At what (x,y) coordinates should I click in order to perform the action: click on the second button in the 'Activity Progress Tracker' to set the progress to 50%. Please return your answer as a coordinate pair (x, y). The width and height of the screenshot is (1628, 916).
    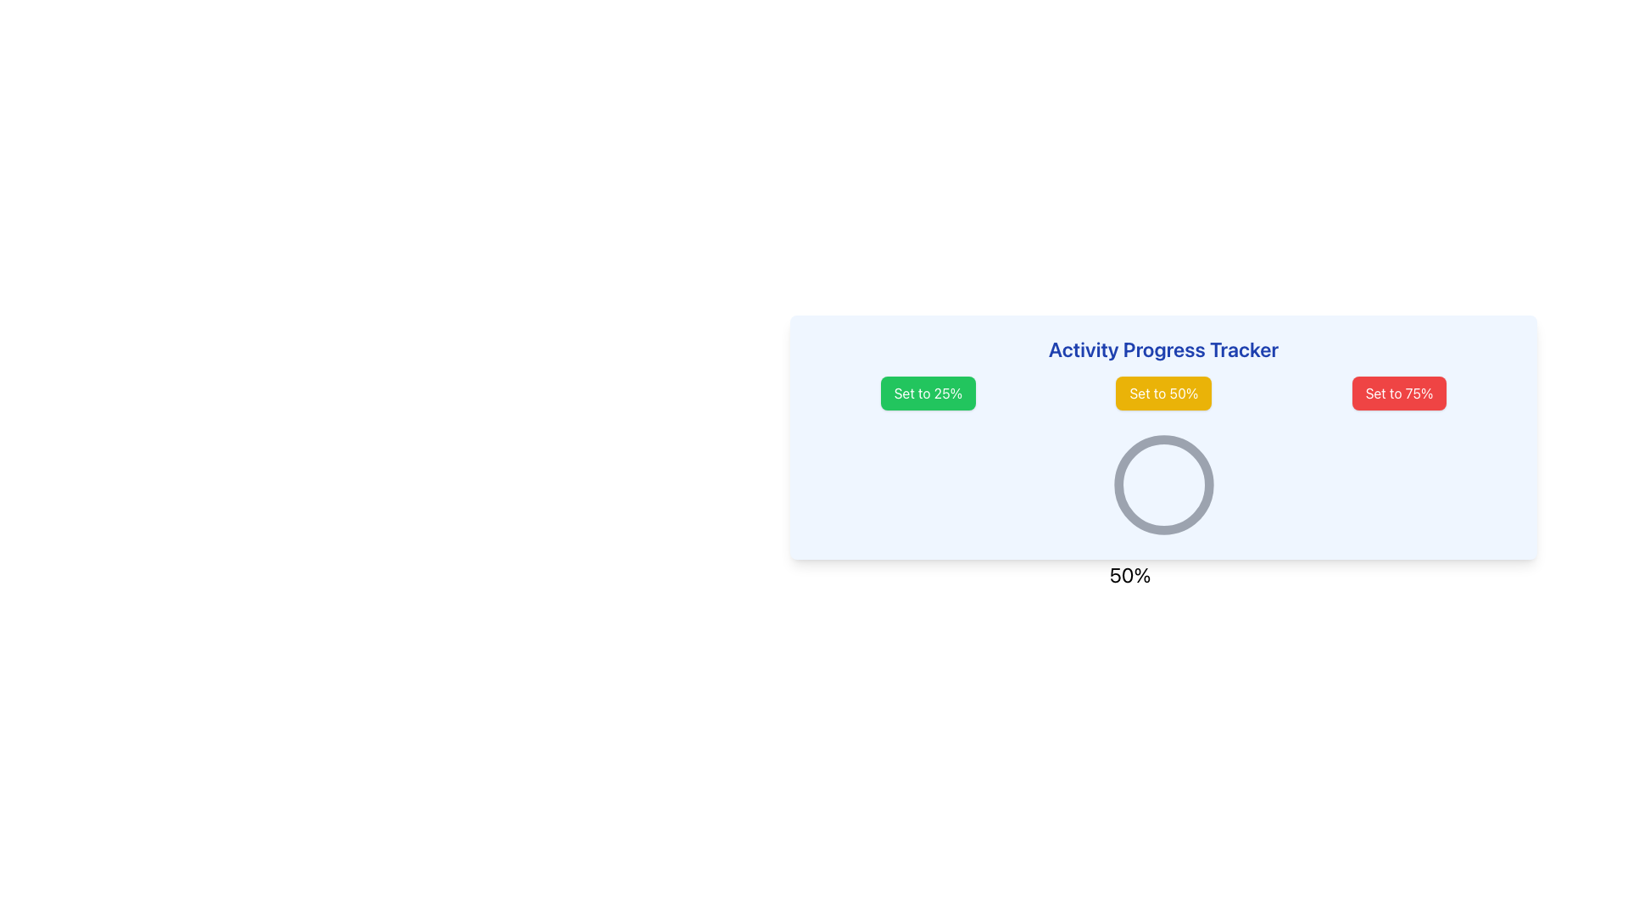
    Looking at the image, I should click on (1162, 393).